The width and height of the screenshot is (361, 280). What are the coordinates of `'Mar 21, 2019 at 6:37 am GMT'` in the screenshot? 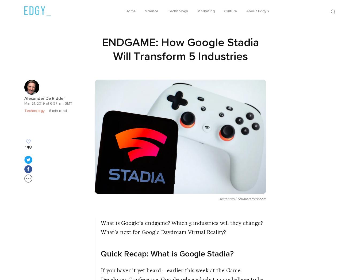 It's located at (48, 103).